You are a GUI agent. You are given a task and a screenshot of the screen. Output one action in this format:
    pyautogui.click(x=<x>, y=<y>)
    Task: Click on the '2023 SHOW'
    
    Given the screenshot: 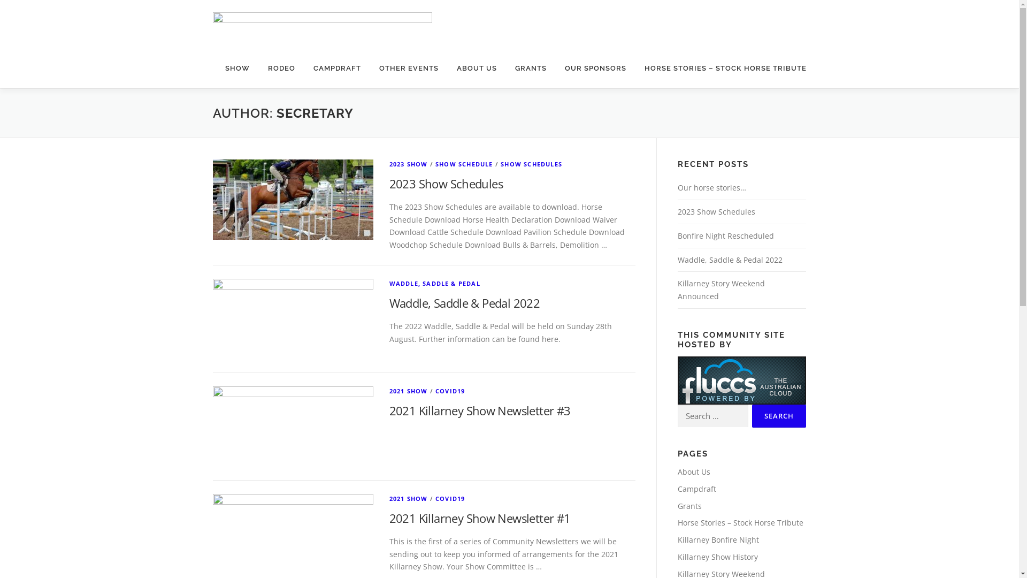 What is the action you would take?
    pyautogui.click(x=389, y=164)
    